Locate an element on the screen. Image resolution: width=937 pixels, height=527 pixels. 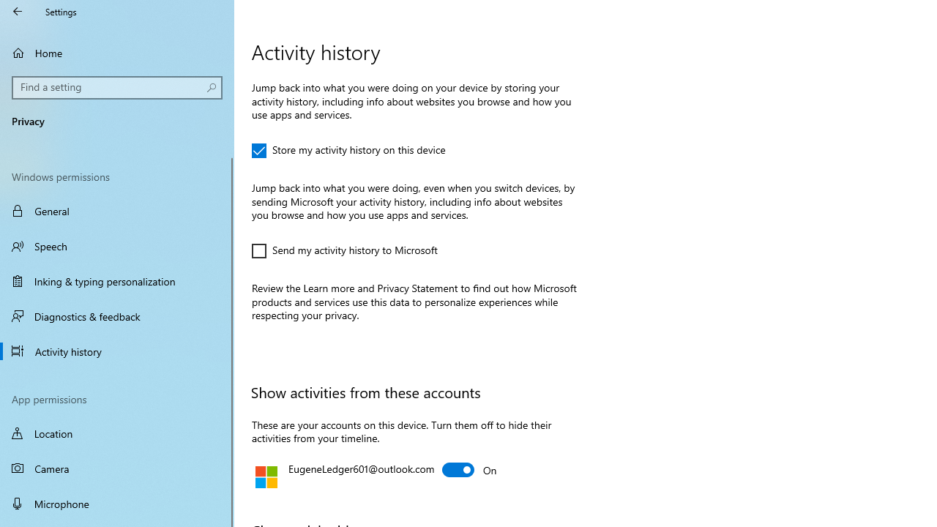
'Location' is located at coordinates (117, 433).